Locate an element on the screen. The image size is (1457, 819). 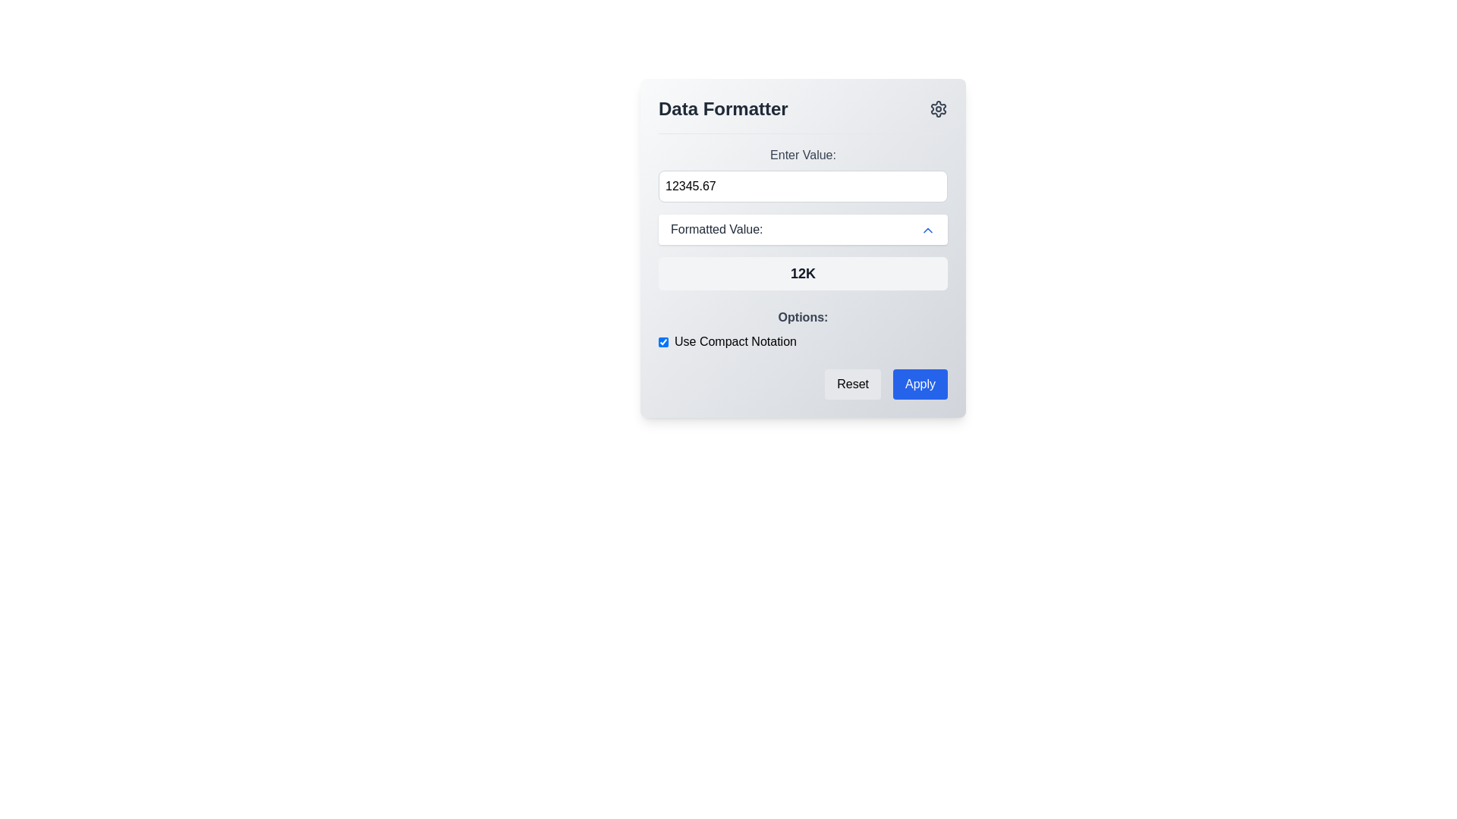
the text label displaying 'Options:' in bold dark gray, which serves as a heading for the elements below it is located at coordinates (802, 317).